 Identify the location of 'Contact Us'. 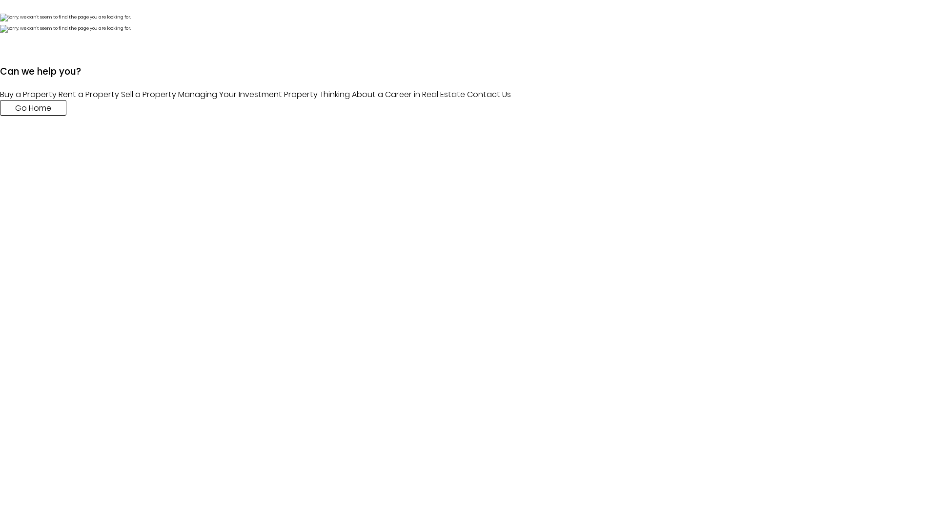
(489, 94).